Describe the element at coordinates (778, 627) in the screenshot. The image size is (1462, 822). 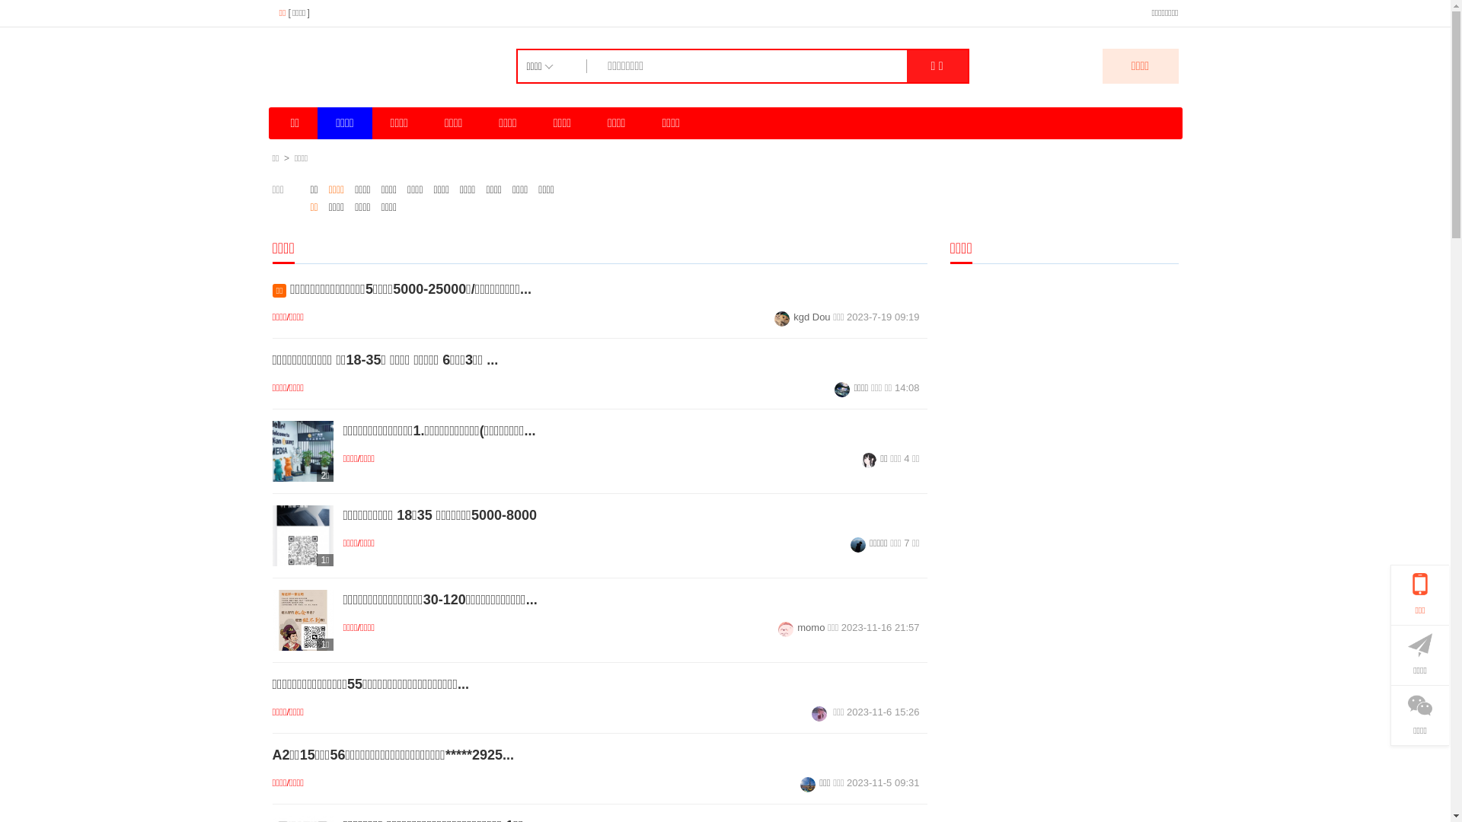
I see `'momo'` at that location.